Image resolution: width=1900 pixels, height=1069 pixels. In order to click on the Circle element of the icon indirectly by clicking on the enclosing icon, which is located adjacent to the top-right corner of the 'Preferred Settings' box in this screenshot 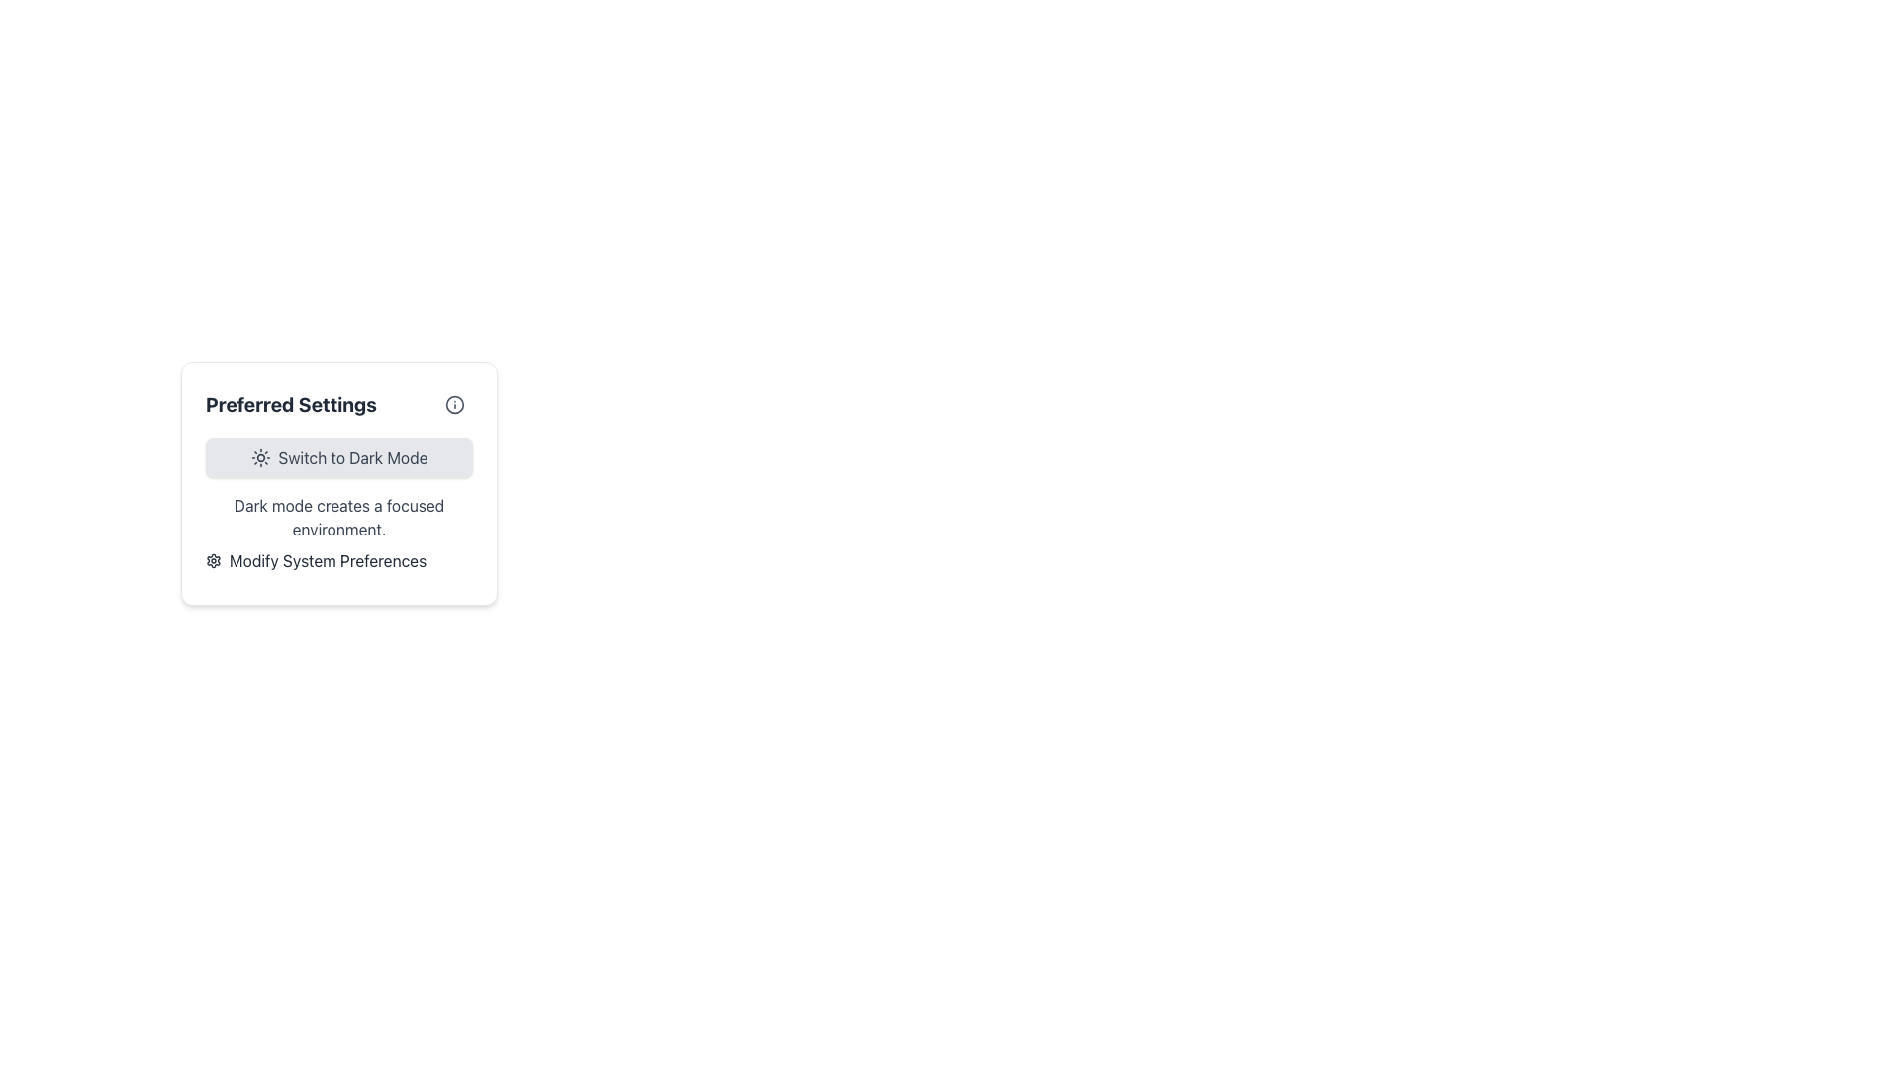, I will do `click(454, 403)`.